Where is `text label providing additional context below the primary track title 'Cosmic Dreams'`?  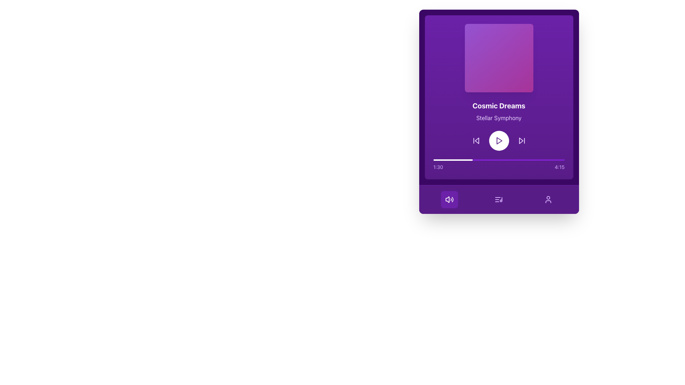 text label providing additional context below the primary track title 'Cosmic Dreams' is located at coordinates (498, 118).